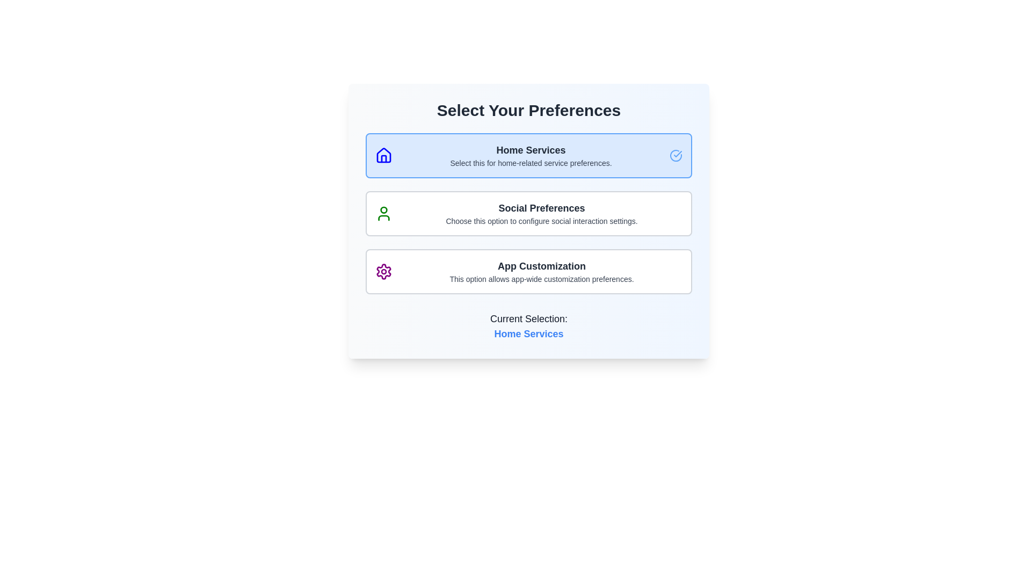 Image resolution: width=1031 pixels, height=580 pixels. Describe the element at coordinates (541, 271) in the screenshot. I see `the 'App Customization' menu option, which is the third selectable card in the interface, featuring a bold title and a descriptive text below it` at that location.